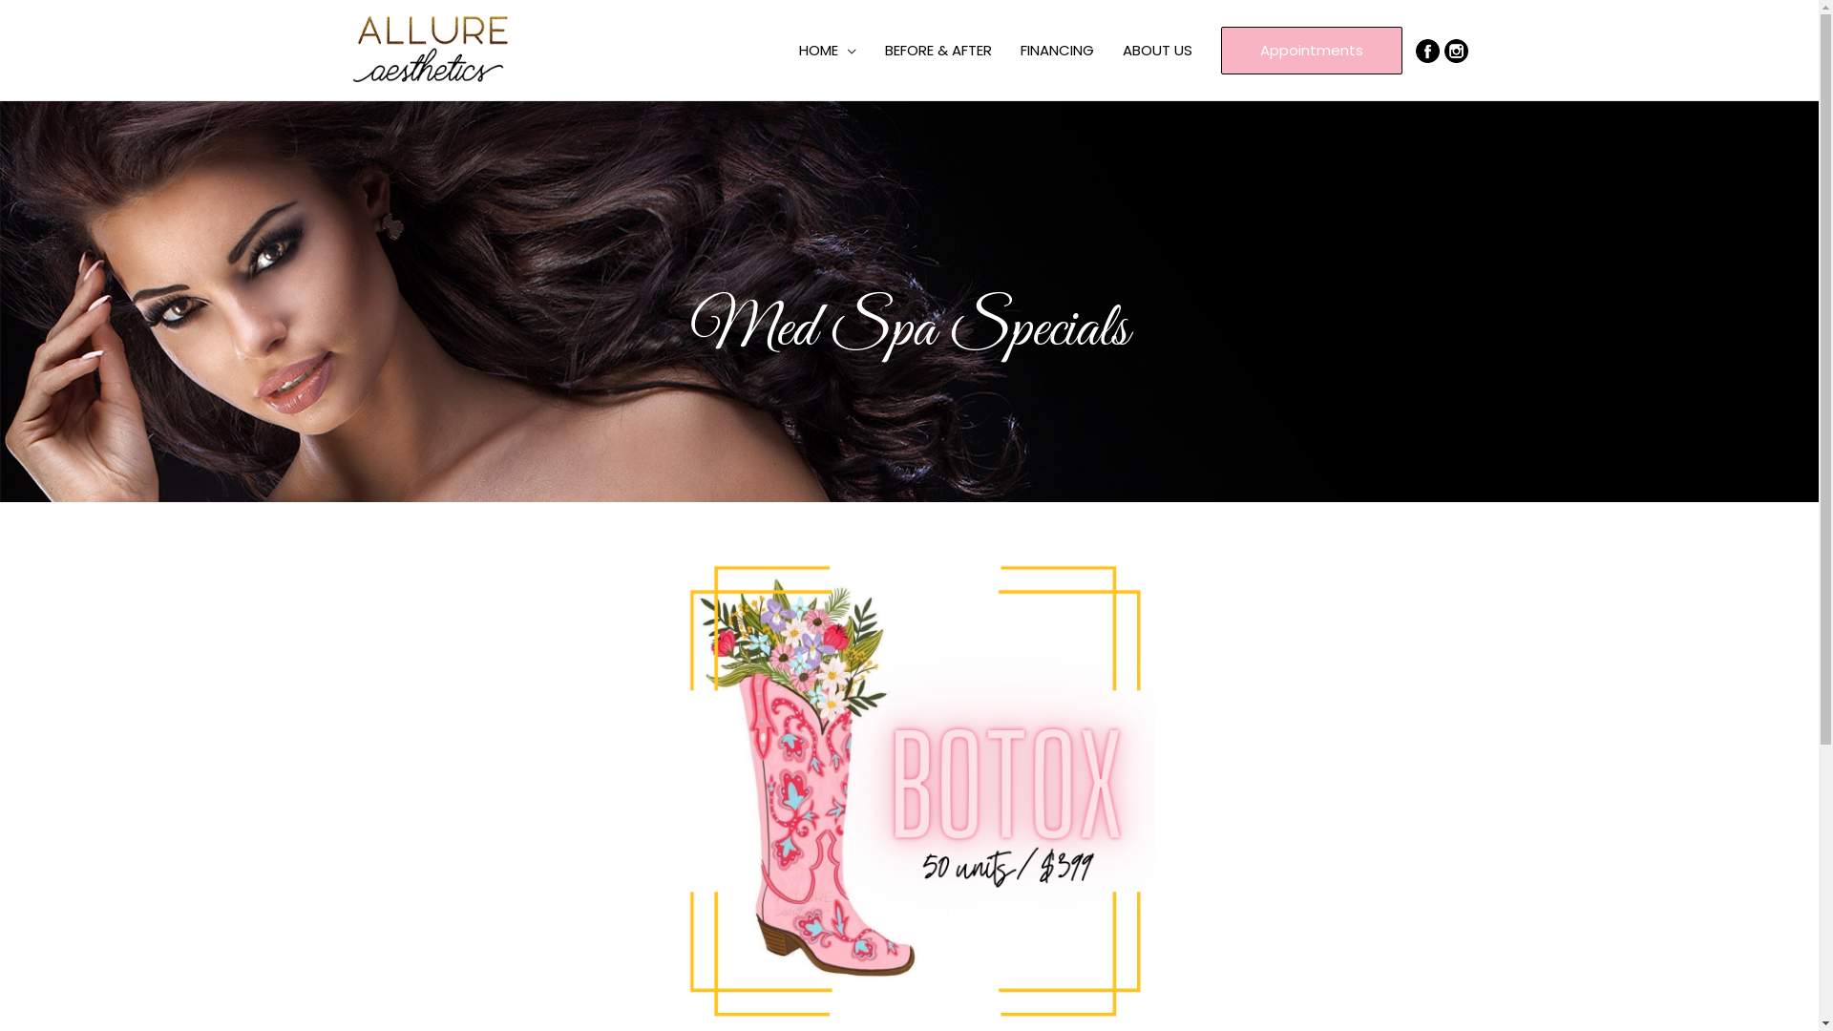 This screenshot has height=1031, width=1833. I want to click on 'BEFORE & AFTER', so click(938, 50).